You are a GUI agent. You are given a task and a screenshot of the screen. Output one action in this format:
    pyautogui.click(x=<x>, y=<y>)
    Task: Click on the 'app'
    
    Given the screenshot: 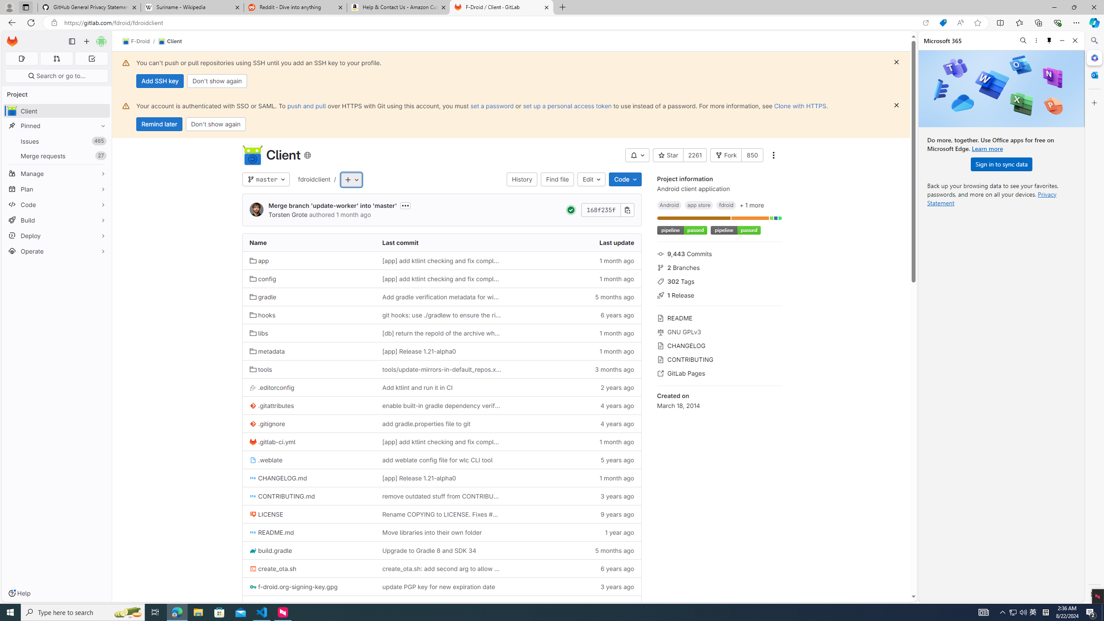 What is the action you would take?
    pyautogui.click(x=259, y=260)
    